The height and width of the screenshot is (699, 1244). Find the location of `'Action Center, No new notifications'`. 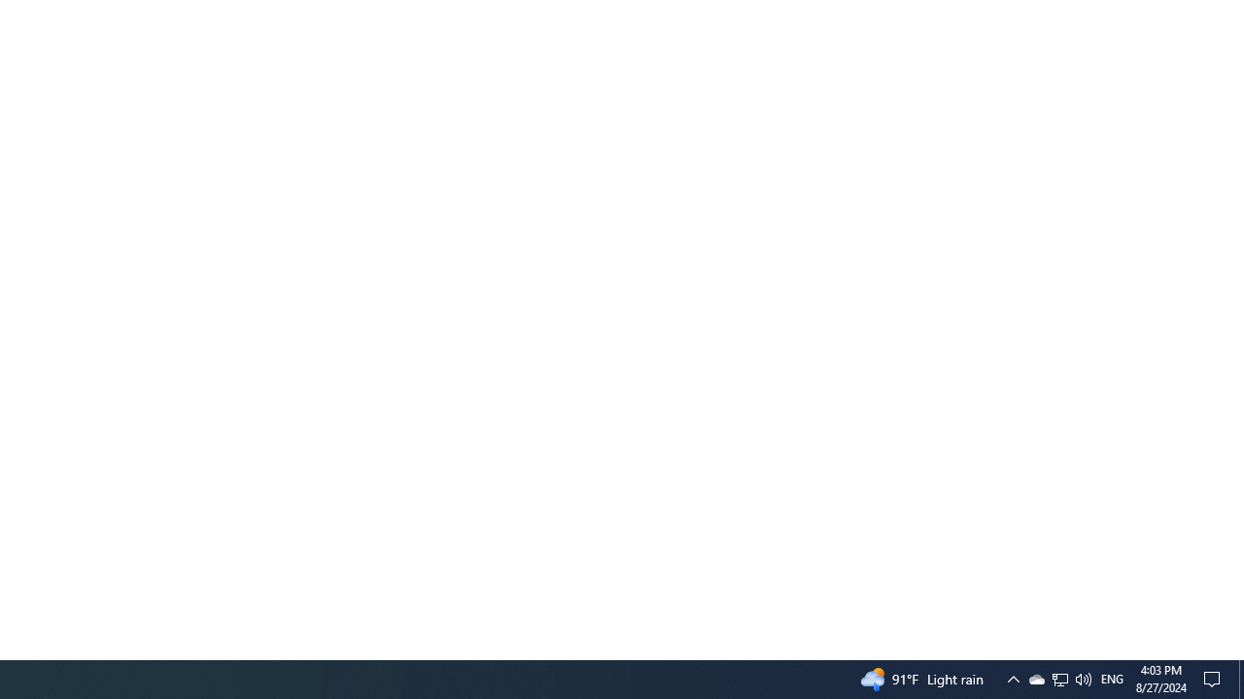

'Action Center, No new notifications' is located at coordinates (1215, 678).